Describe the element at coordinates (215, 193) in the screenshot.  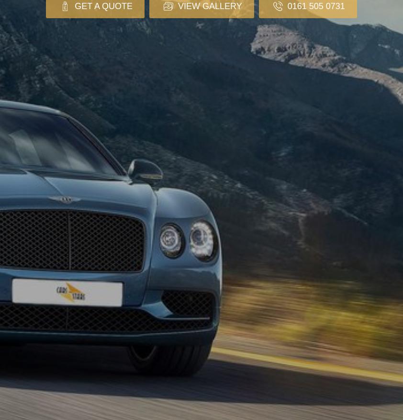
I see `'airport transfer'` at that location.